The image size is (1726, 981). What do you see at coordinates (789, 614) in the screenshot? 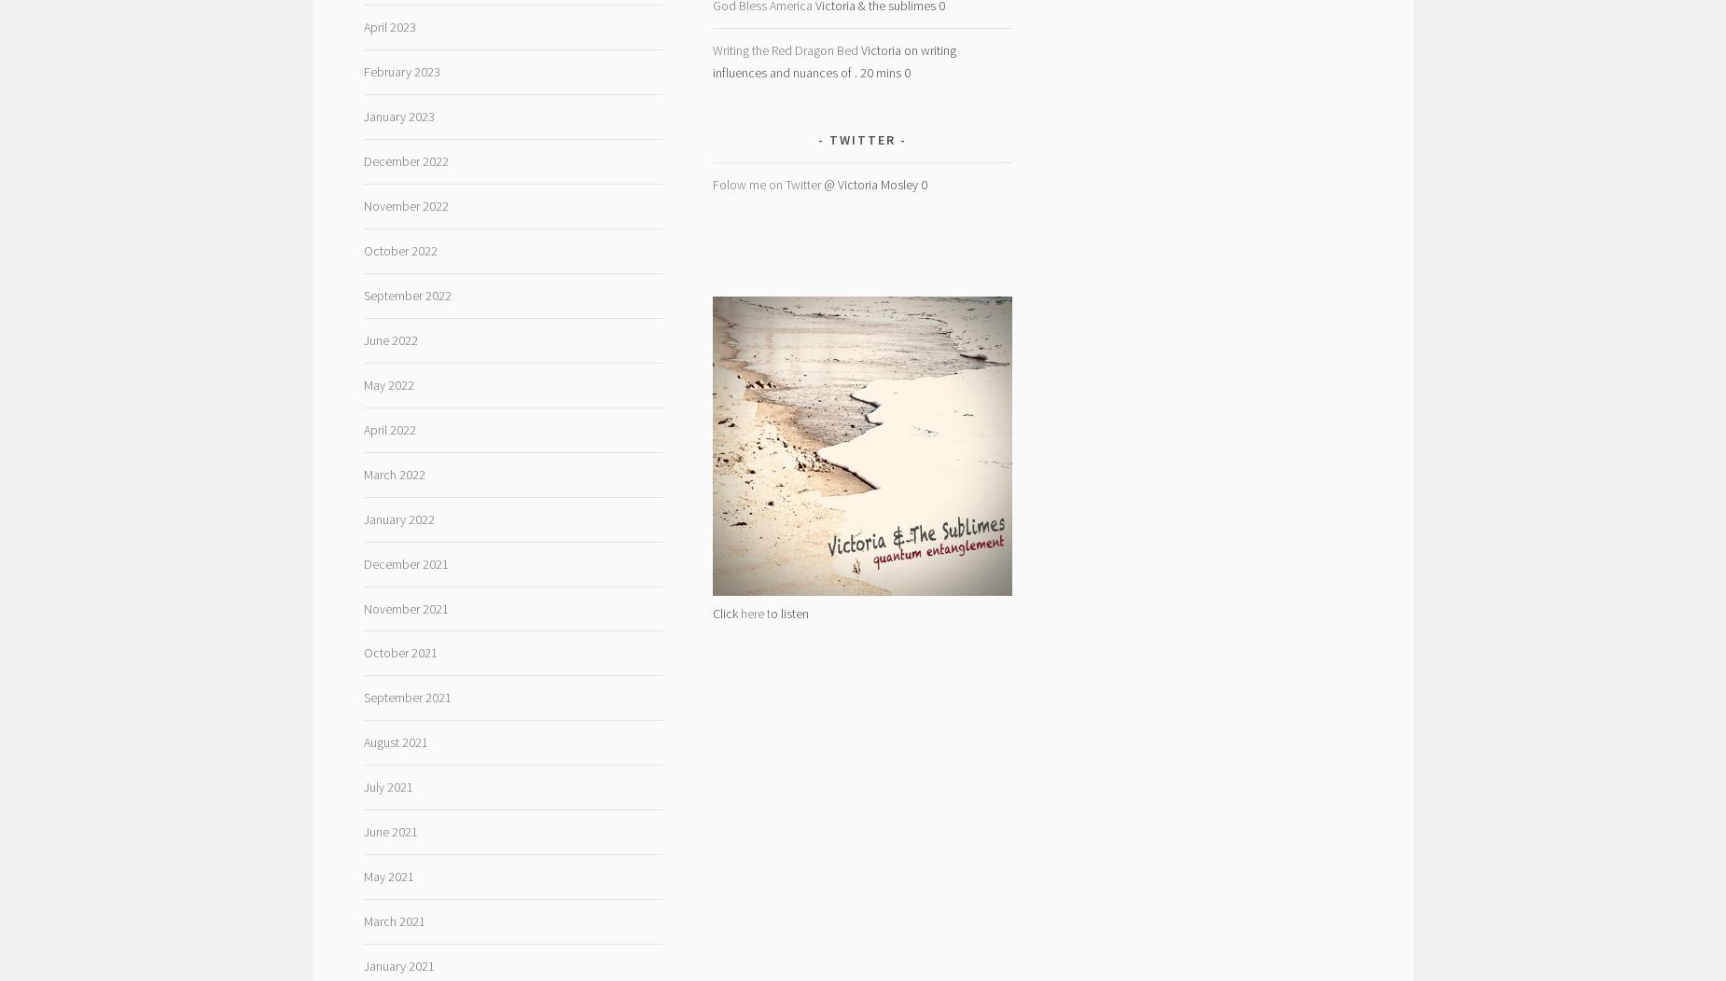
I see `'o listen'` at bounding box center [789, 614].